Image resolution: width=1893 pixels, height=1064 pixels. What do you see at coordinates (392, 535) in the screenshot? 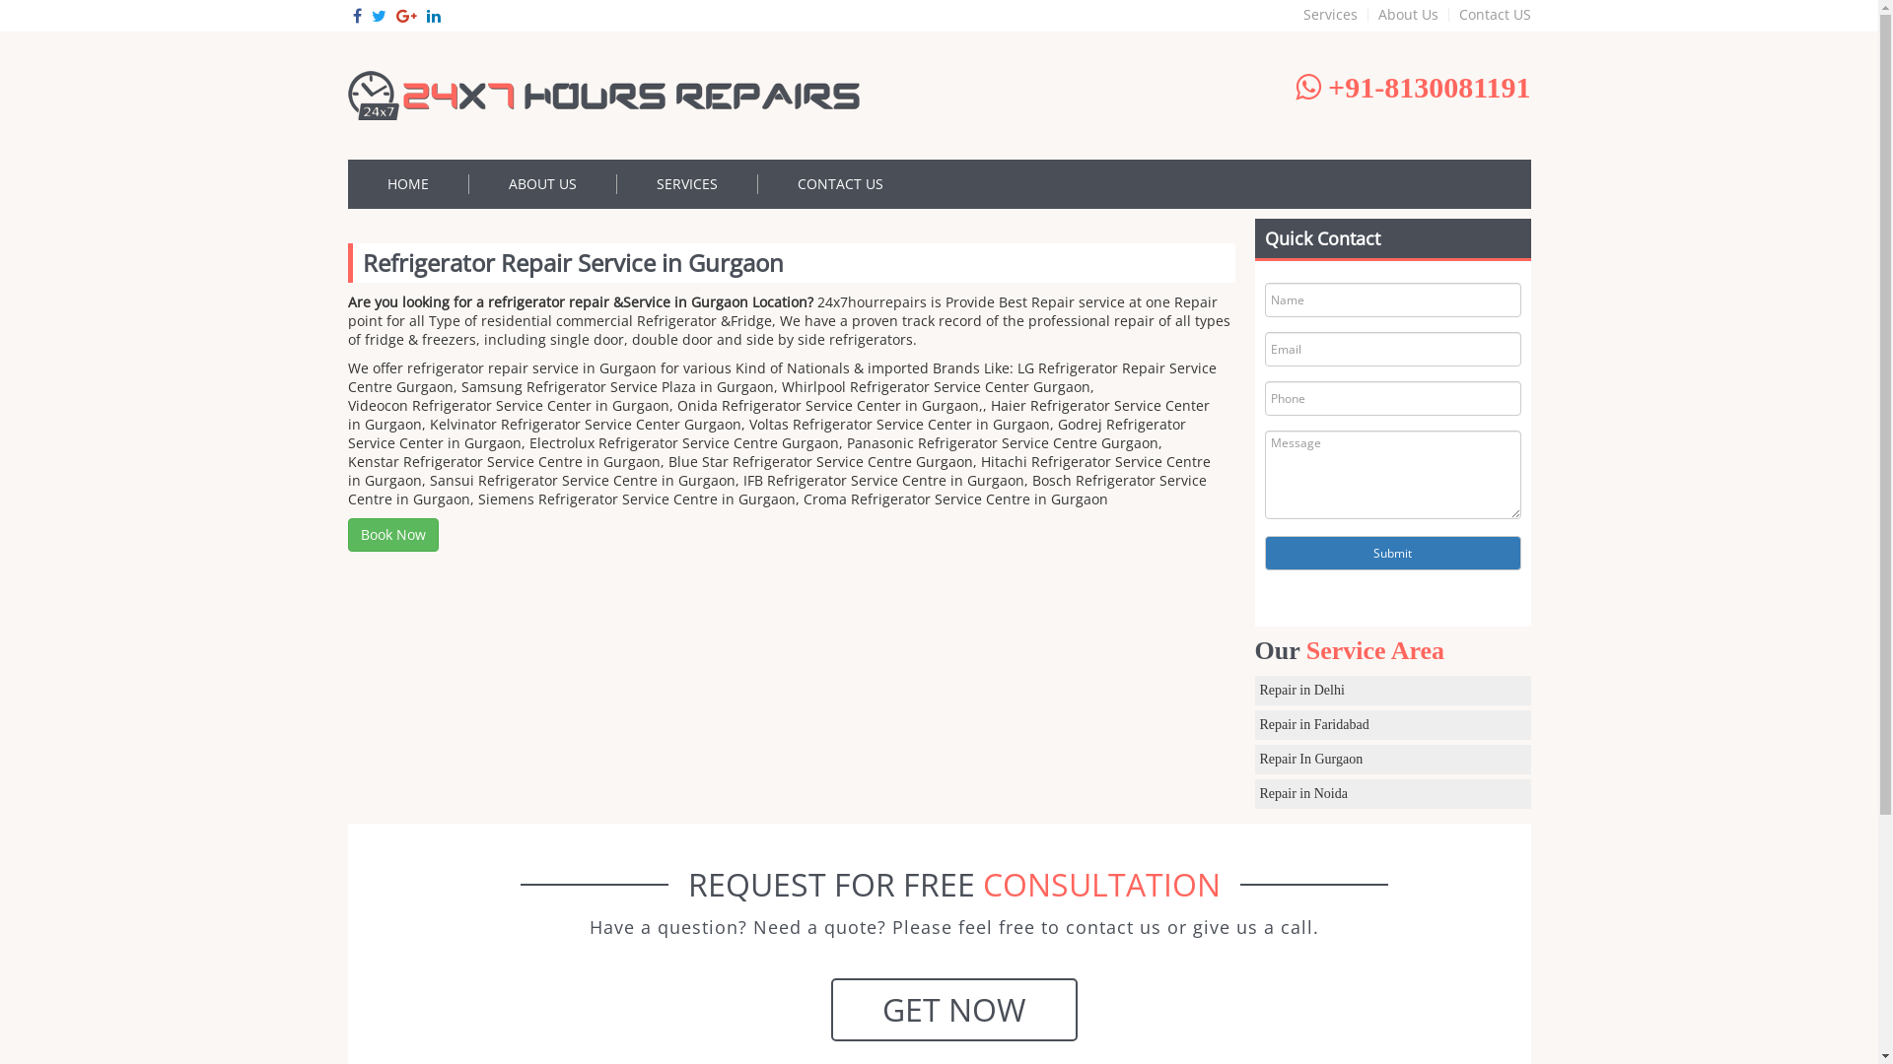
I see `'Book Now'` at bounding box center [392, 535].